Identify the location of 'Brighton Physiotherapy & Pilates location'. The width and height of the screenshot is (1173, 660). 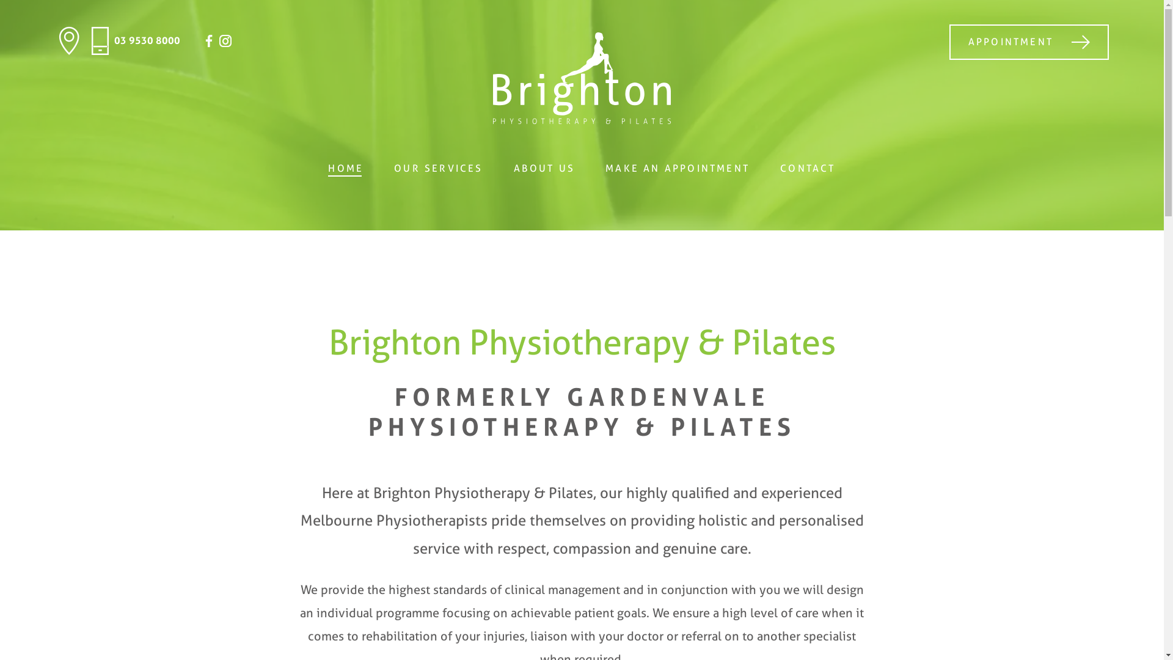
(54, 40).